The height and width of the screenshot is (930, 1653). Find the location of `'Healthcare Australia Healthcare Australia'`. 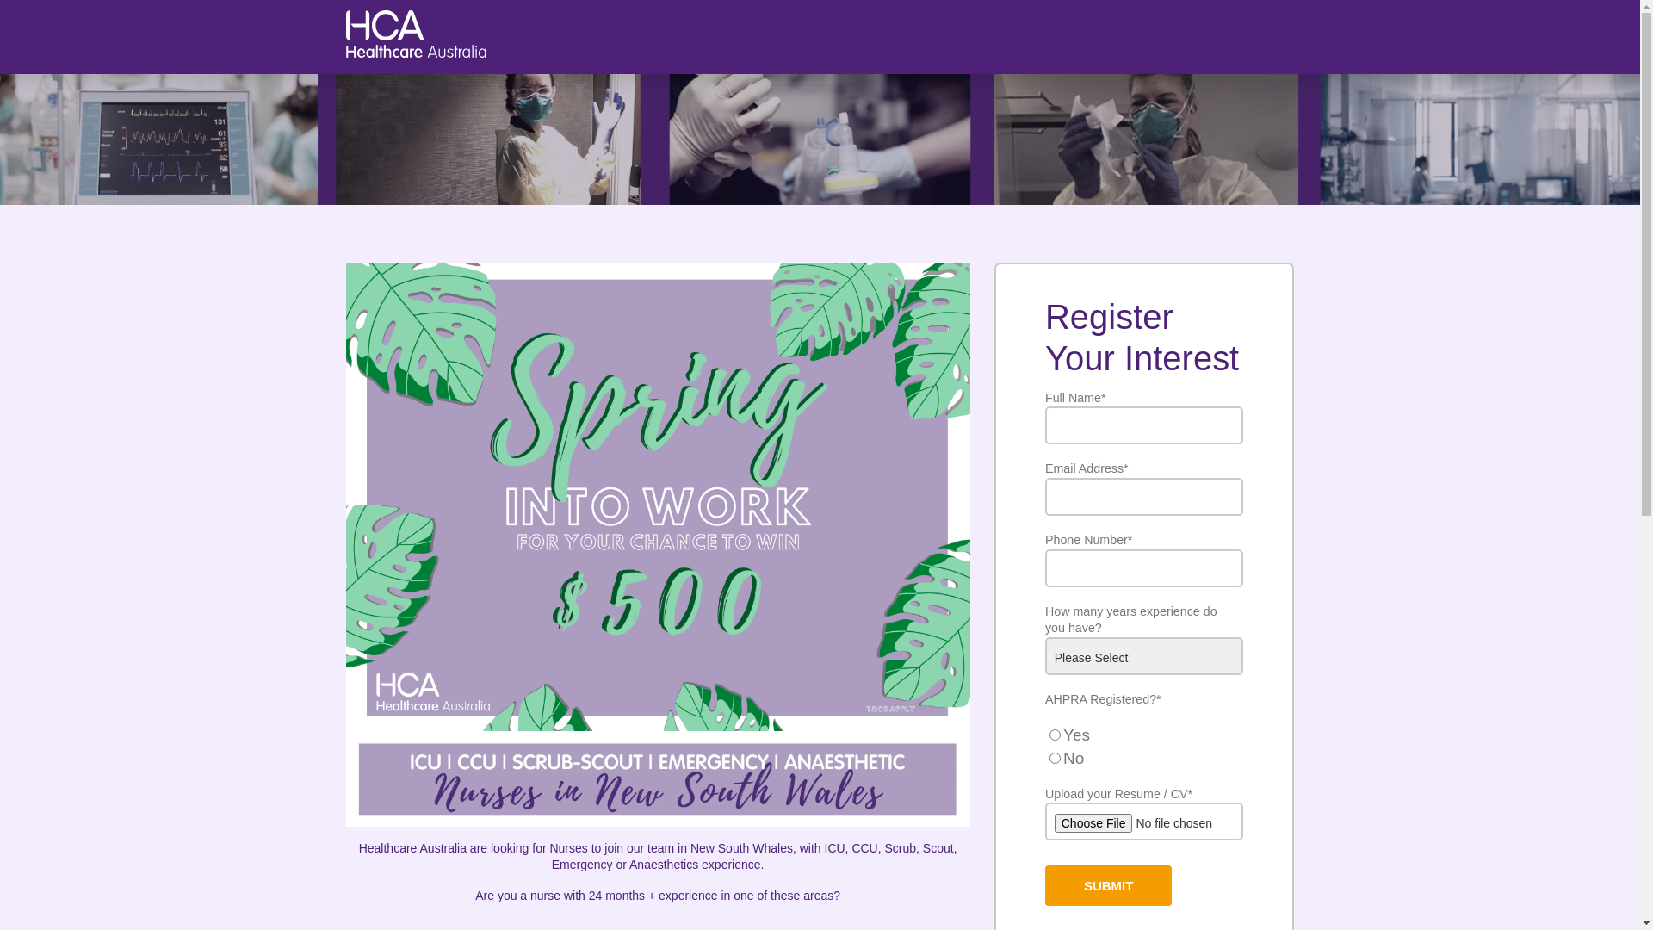

'Healthcare Australia Healthcare Australia' is located at coordinates (416, 51).